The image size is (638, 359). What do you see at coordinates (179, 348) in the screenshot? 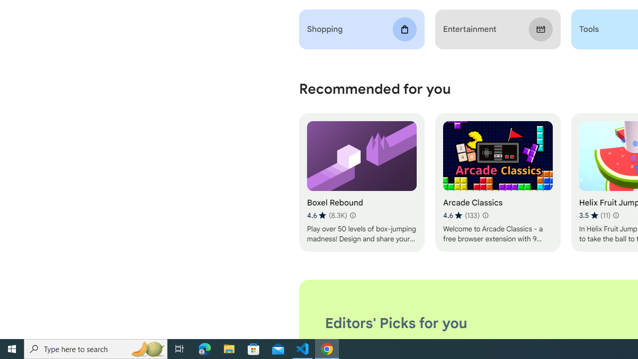
I see `'Task View'` at bounding box center [179, 348].